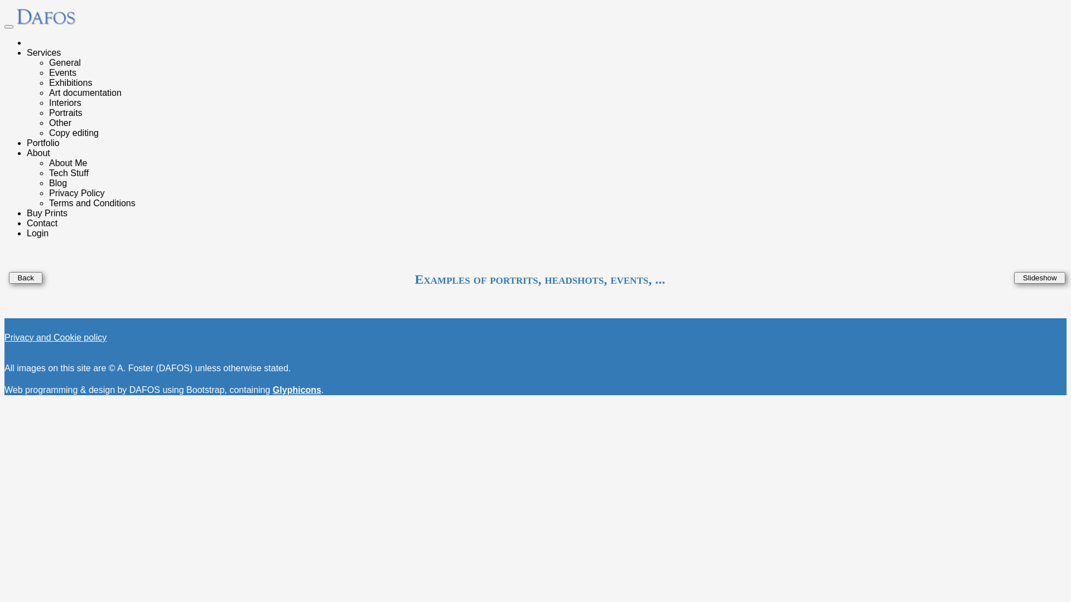 The height and width of the screenshot is (602, 1071). What do you see at coordinates (92, 203) in the screenshot?
I see `'Terms and Conditions'` at bounding box center [92, 203].